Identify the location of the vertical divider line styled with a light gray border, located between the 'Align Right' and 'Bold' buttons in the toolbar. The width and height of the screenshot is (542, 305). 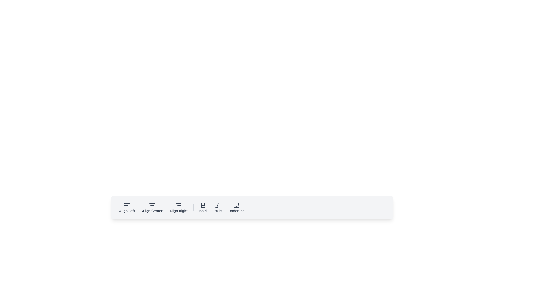
(193, 208).